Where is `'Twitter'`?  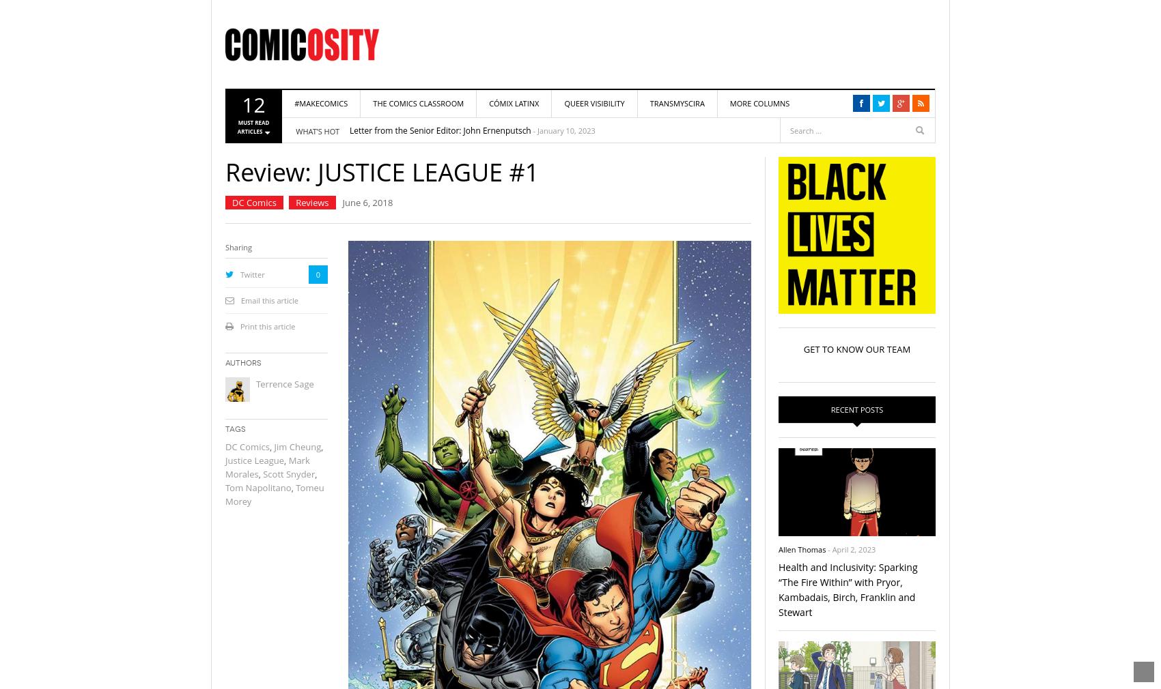
'Twitter' is located at coordinates (251, 274).